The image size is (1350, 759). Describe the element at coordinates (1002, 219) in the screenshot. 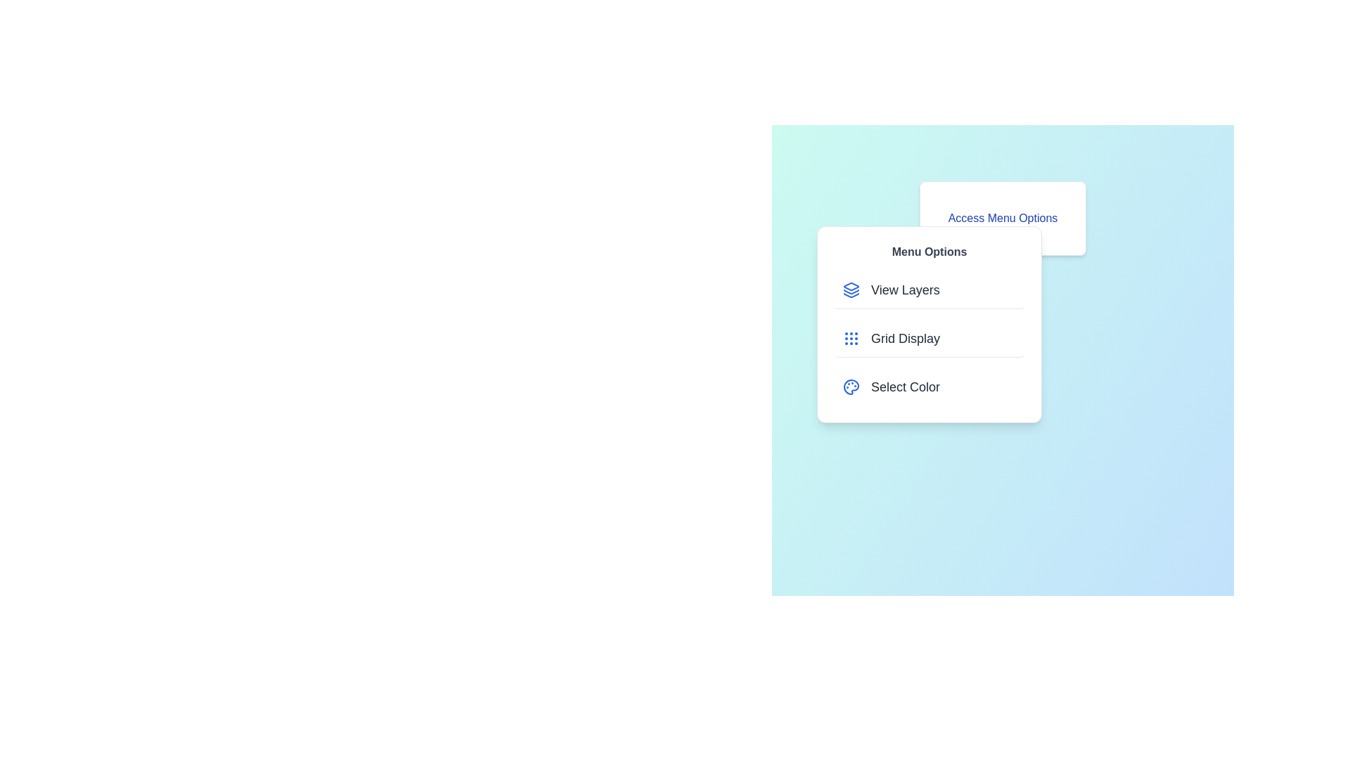

I see `the 'Access Menu Options' button to toggle the menu visibility` at that location.